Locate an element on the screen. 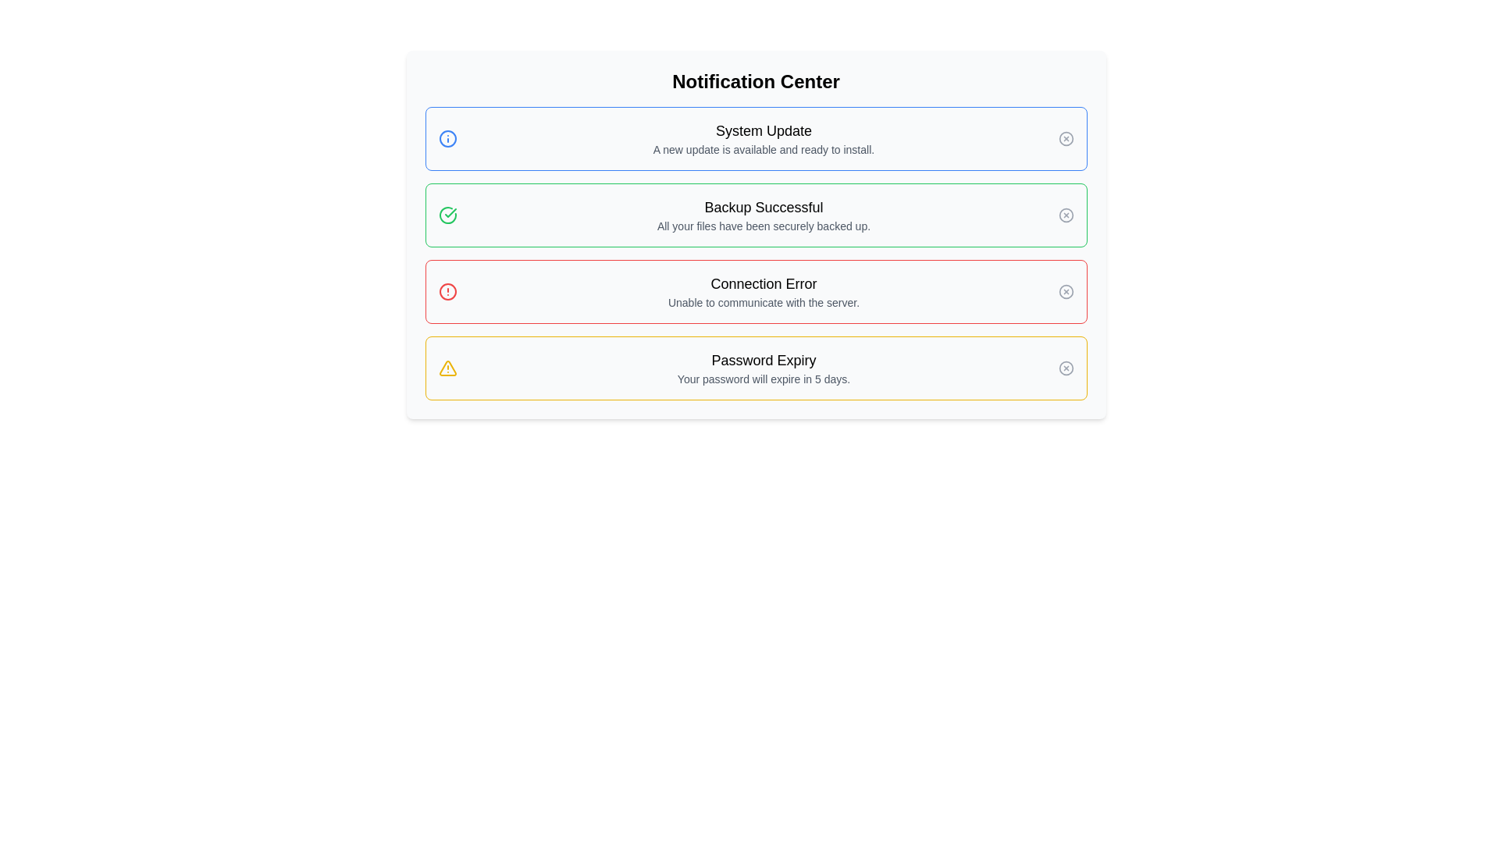 This screenshot has height=843, width=1499. the informational indicator icon located in the upper-left portion of the 'System Update' notification card, which is positioned to the left of the title text and description is located at coordinates (447, 137).